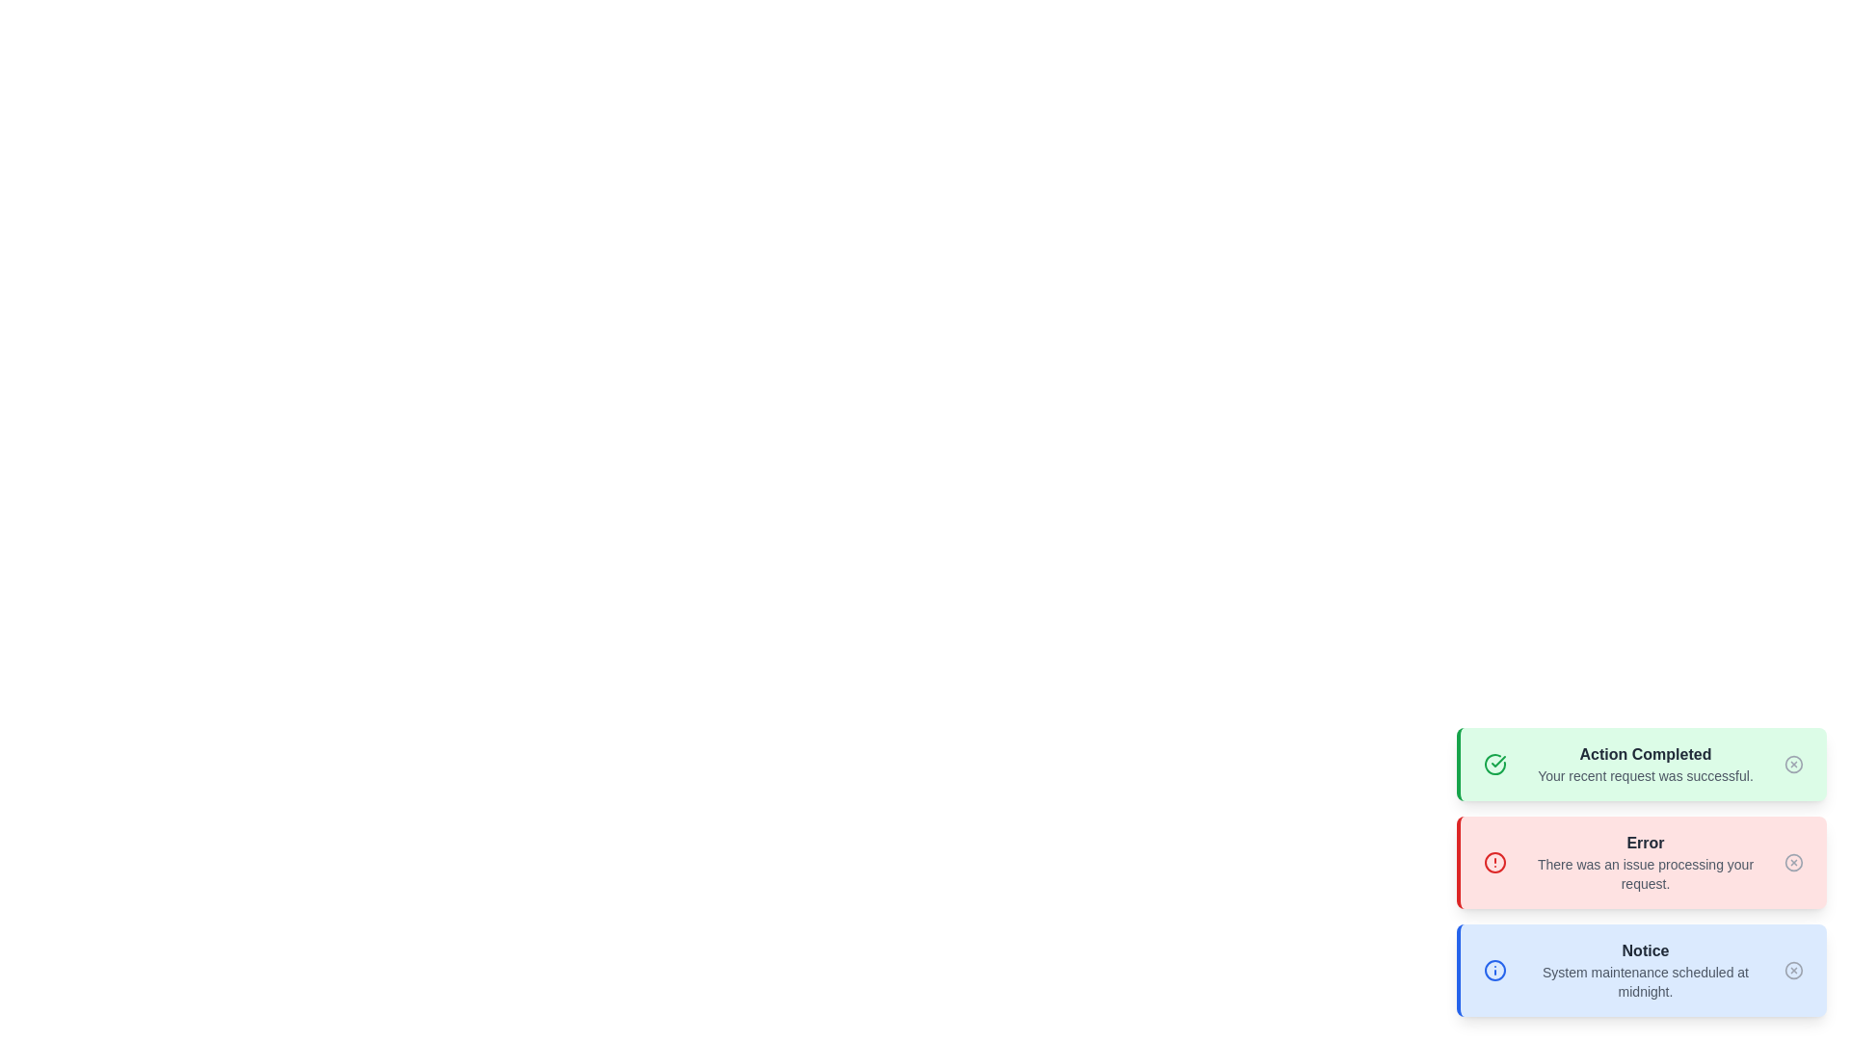 Image resolution: width=1850 pixels, height=1040 pixels. I want to click on the alert message of type error and read its content, so click(1641, 861).